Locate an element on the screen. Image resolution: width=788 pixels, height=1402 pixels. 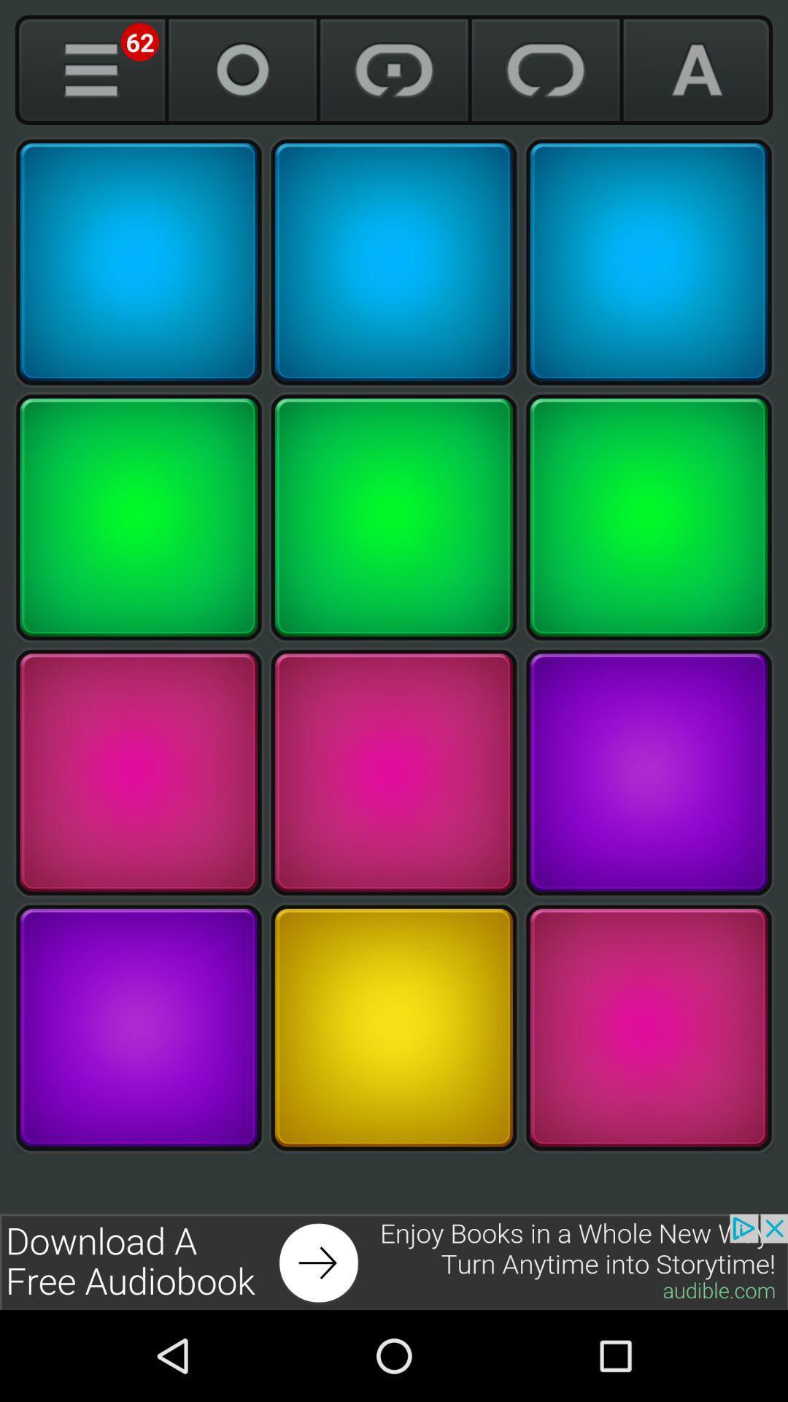
follow the flashing box is located at coordinates (139, 1027).